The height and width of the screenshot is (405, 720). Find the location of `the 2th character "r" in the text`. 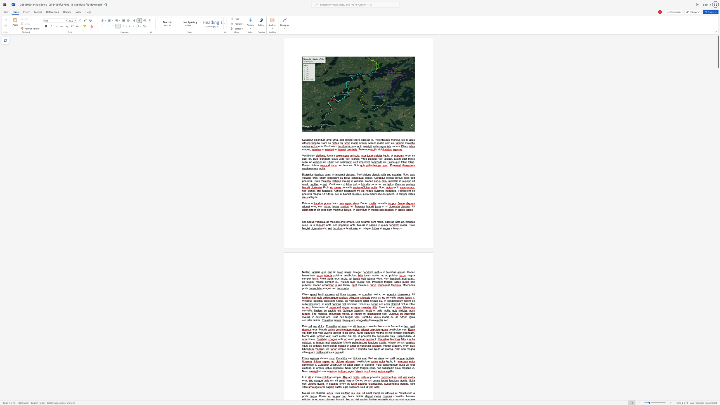

the 2th character "r" in the text is located at coordinates (324, 329).